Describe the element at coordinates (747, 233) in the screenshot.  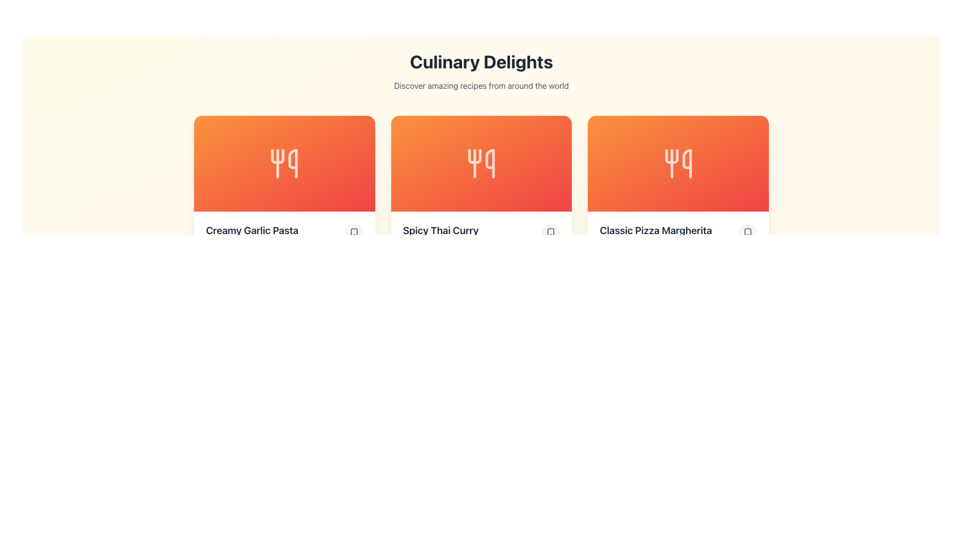
I see `the bookmark toggle button located in the top right corner of the 'Classic Pizza Margherita' card` at that location.